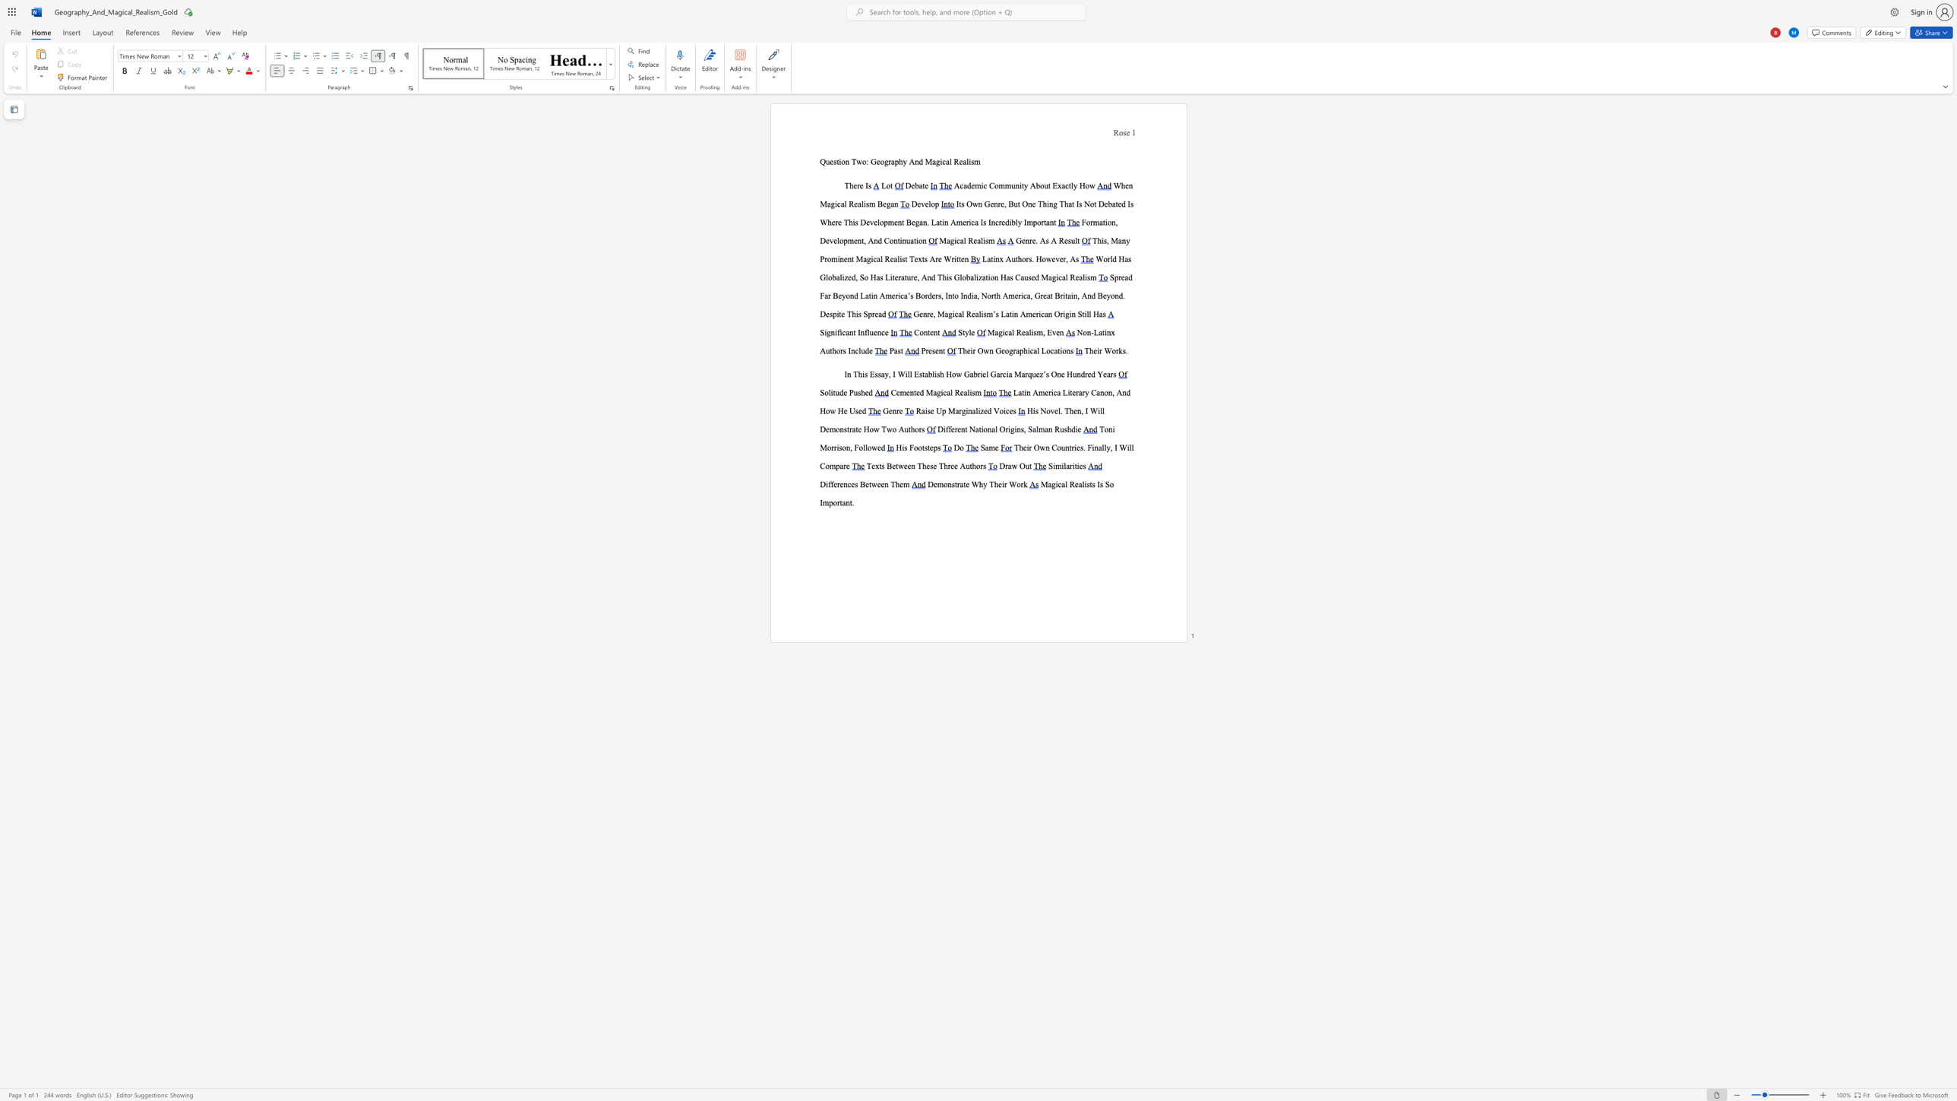  What do you see at coordinates (1124, 185) in the screenshot?
I see `the subset text "en Magical Realism Be" within the text "When Magical Realism Began"` at bounding box center [1124, 185].